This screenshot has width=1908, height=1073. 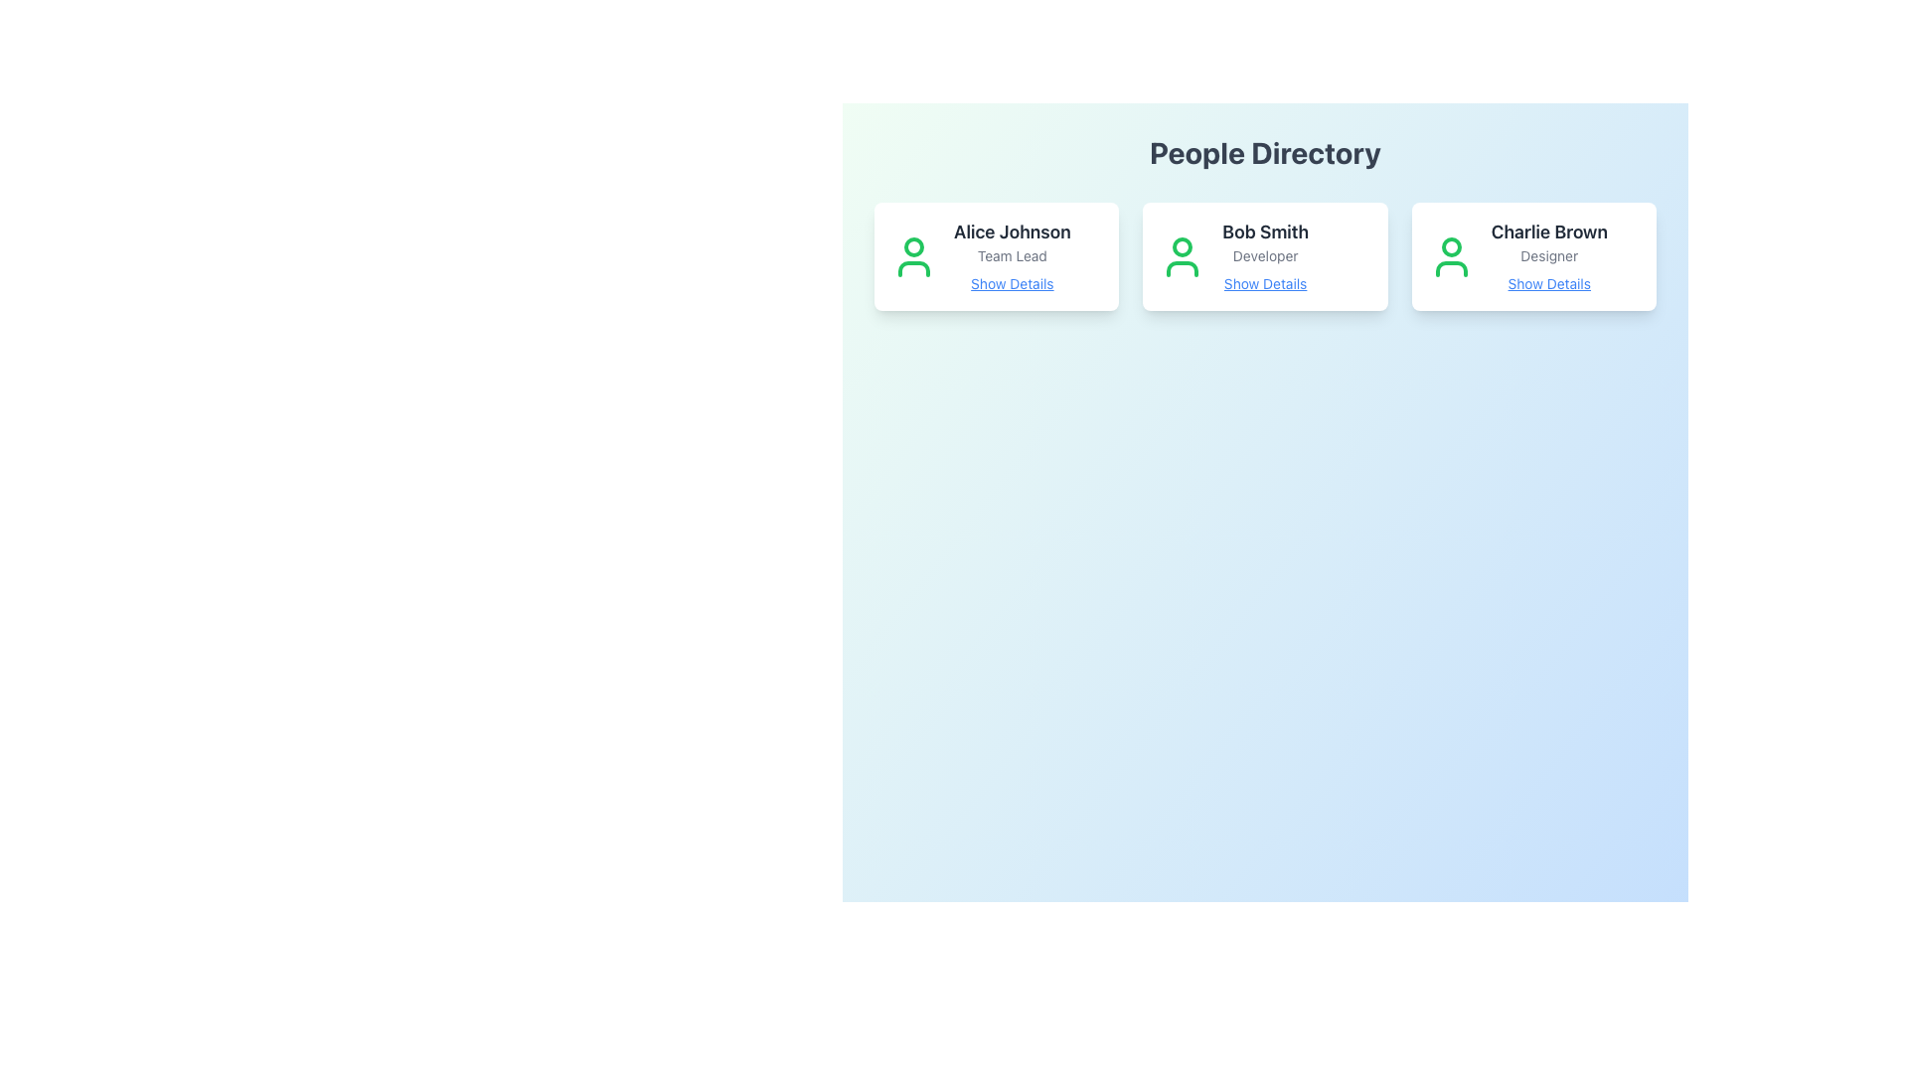 What do you see at coordinates (997, 255) in the screenshot?
I see `the leftmost Information Card in the grid to potentially reveal additional details or actions` at bounding box center [997, 255].